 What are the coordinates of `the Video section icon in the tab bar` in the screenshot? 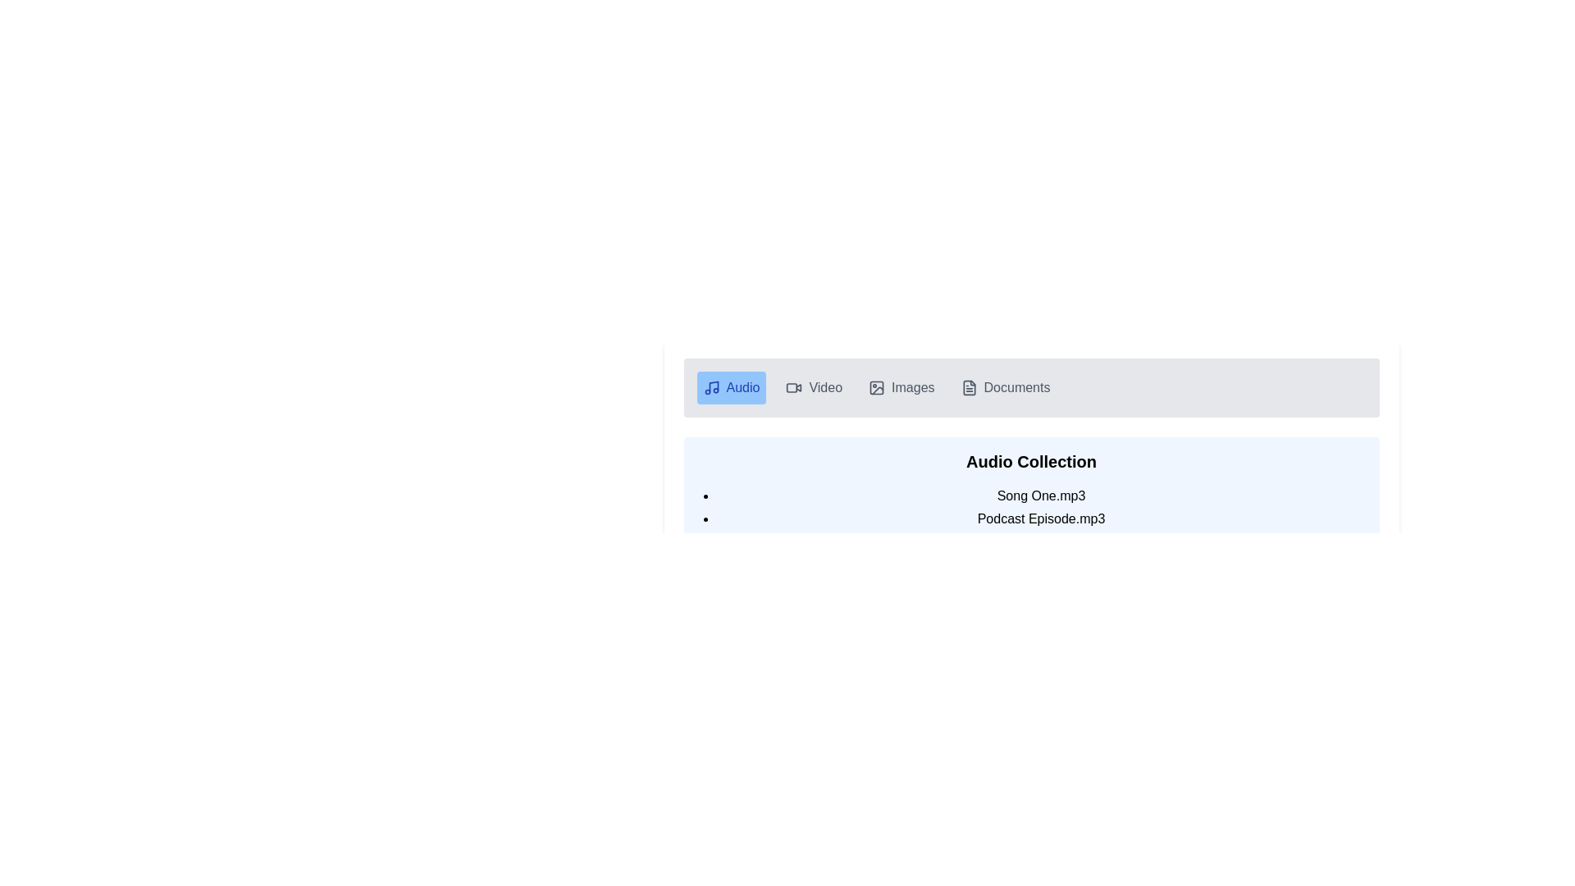 It's located at (792, 388).